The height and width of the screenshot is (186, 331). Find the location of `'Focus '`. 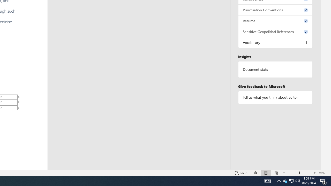

'Focus ' is located at coordinates (241, 173).